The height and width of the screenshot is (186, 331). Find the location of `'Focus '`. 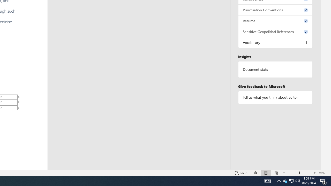

'Focus ' is located at coordinates (241, 173).